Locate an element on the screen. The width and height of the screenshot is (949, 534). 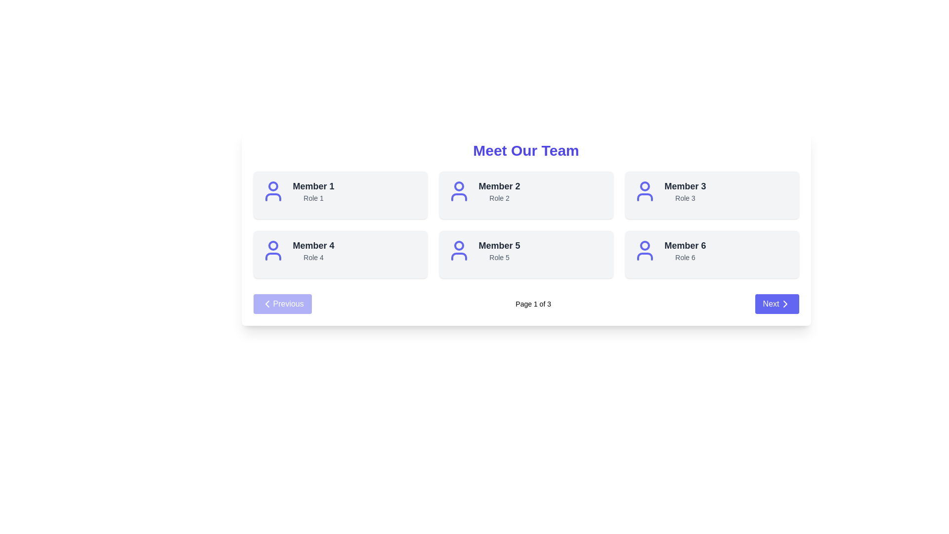
the 'Previous' button which contains the left-pointing arrow icon, located at the bottom-left corner of the interface is located at coordinates (267, 303).